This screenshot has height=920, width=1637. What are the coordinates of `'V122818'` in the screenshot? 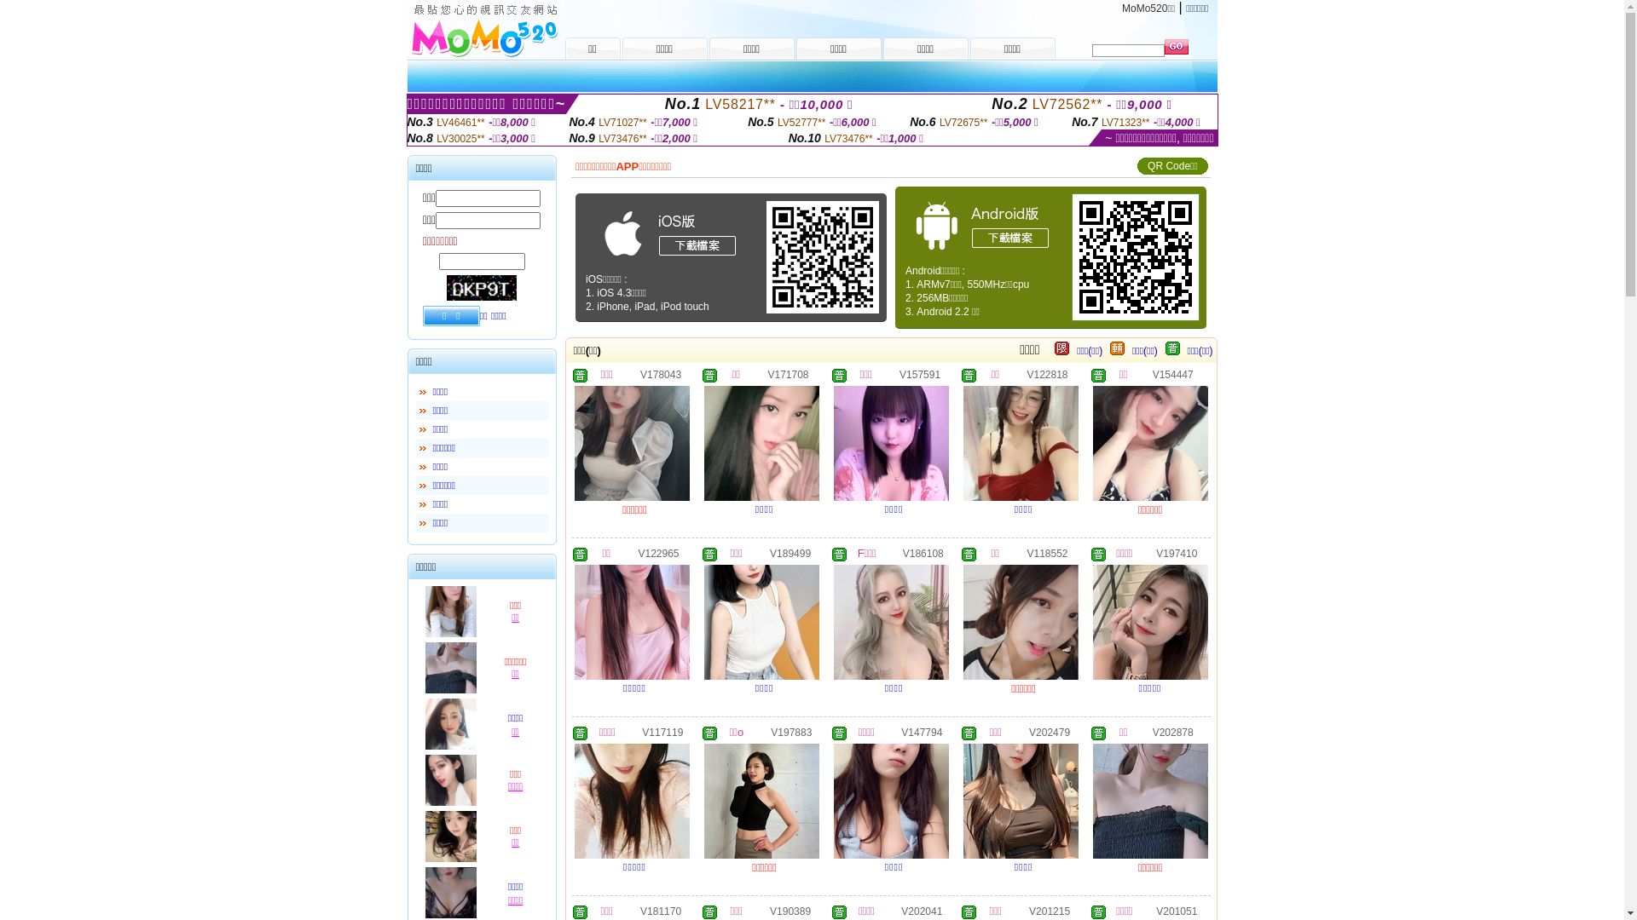 It's located at (1046, 373).